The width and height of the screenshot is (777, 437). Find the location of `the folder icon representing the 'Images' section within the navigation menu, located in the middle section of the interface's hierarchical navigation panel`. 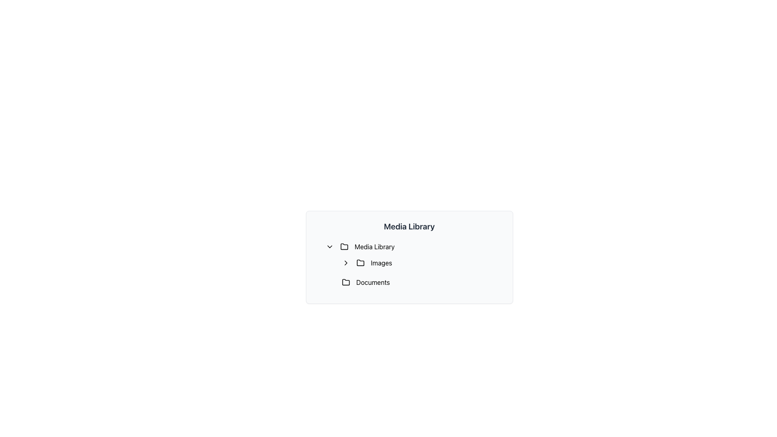

the folder icon representing the 'Images' section within the navigation menu, located in the middle section of the interface's hierarchical navigation panel is located at coordinates (360, 263).